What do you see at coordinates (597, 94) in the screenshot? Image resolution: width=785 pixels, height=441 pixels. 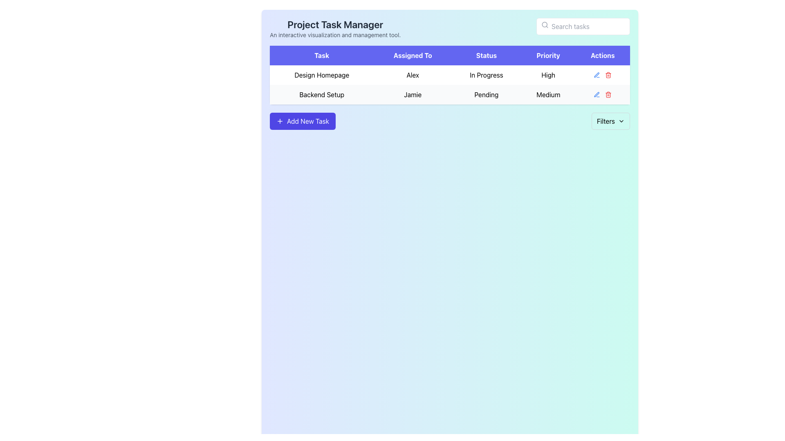 I see `the SVG-based pen icon for edit functions in the 'Actions' section of the 'Backend Setup' row` at bounding box center [597, 94].